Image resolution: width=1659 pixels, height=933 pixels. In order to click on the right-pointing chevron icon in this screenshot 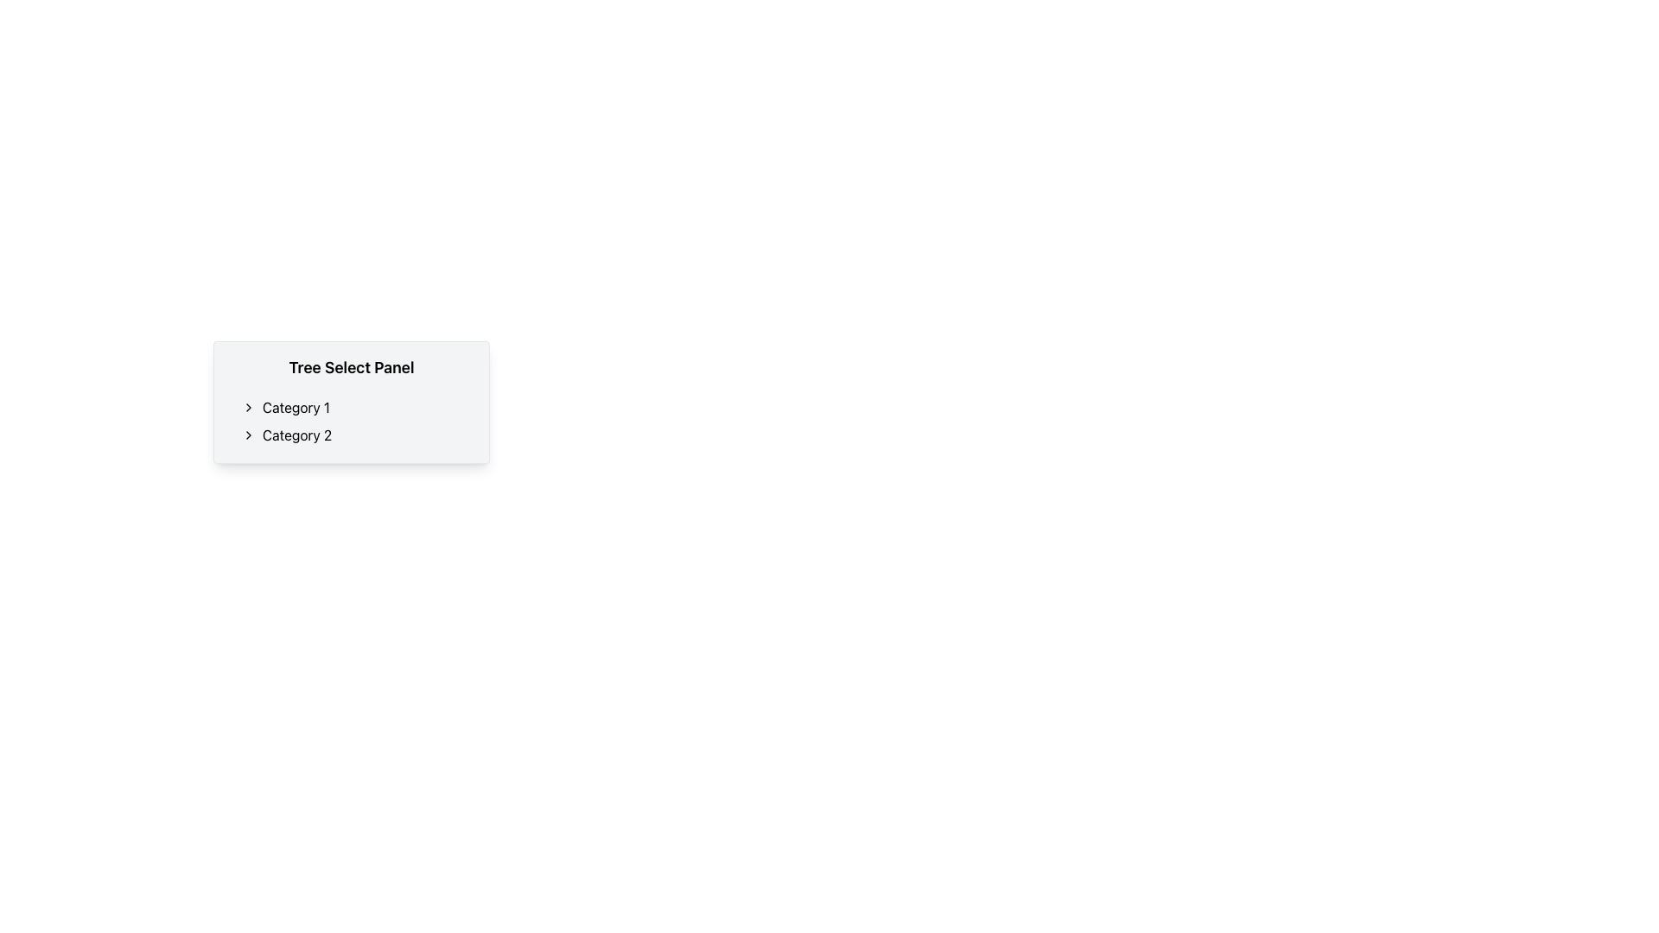, I will do `click(248, 435)`.